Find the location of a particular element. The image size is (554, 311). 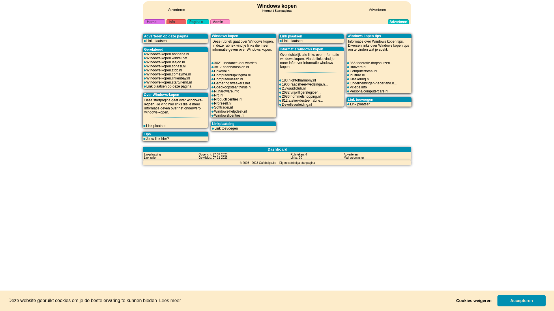

'Link plaatsen' is located at coordinates (156, 41).